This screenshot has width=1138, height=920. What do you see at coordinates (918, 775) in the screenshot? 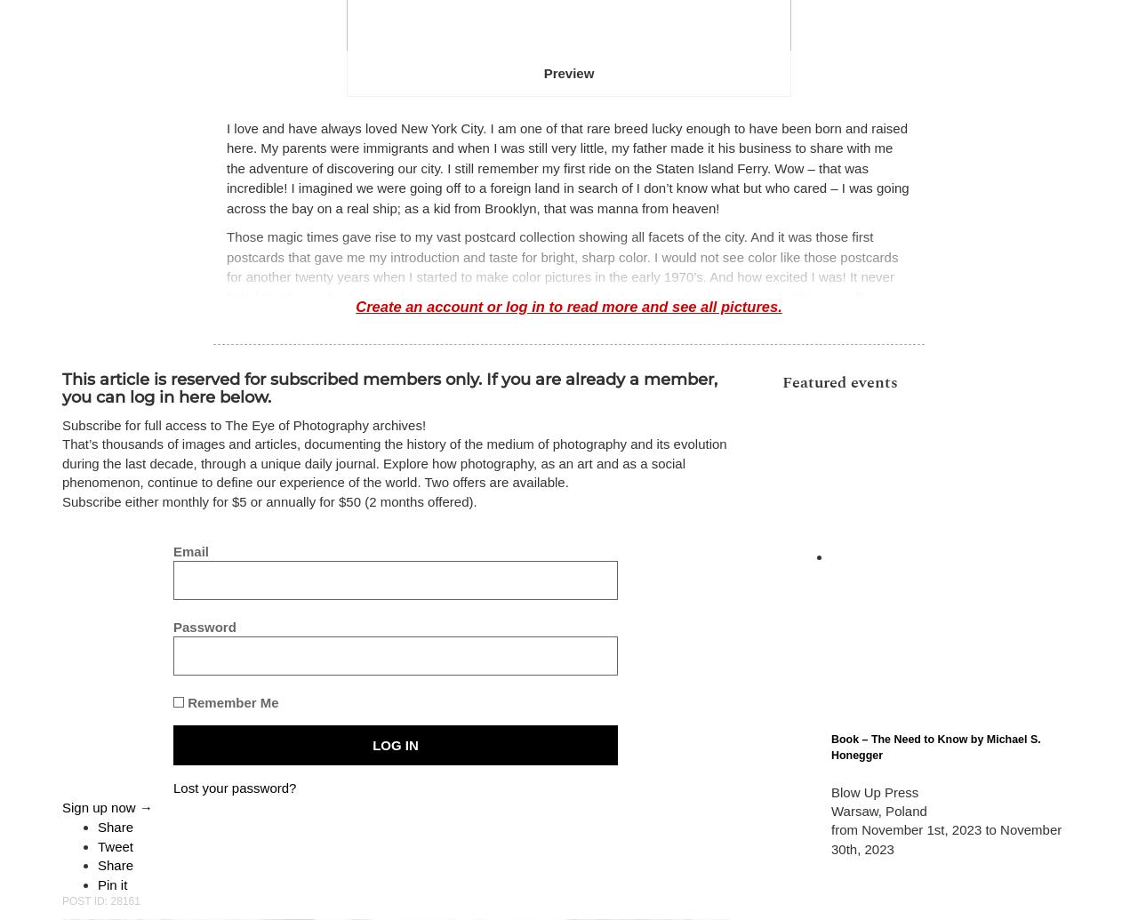
I see `'from November 17th, 2023 to November 26th, 2023'` at bounding box center [918, 775].